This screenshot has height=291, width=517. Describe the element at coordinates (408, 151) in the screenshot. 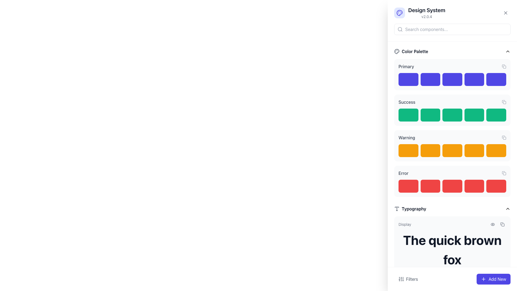

I see `the vibrant orange button with rounded corners located in the 'Warning' section` at that location.